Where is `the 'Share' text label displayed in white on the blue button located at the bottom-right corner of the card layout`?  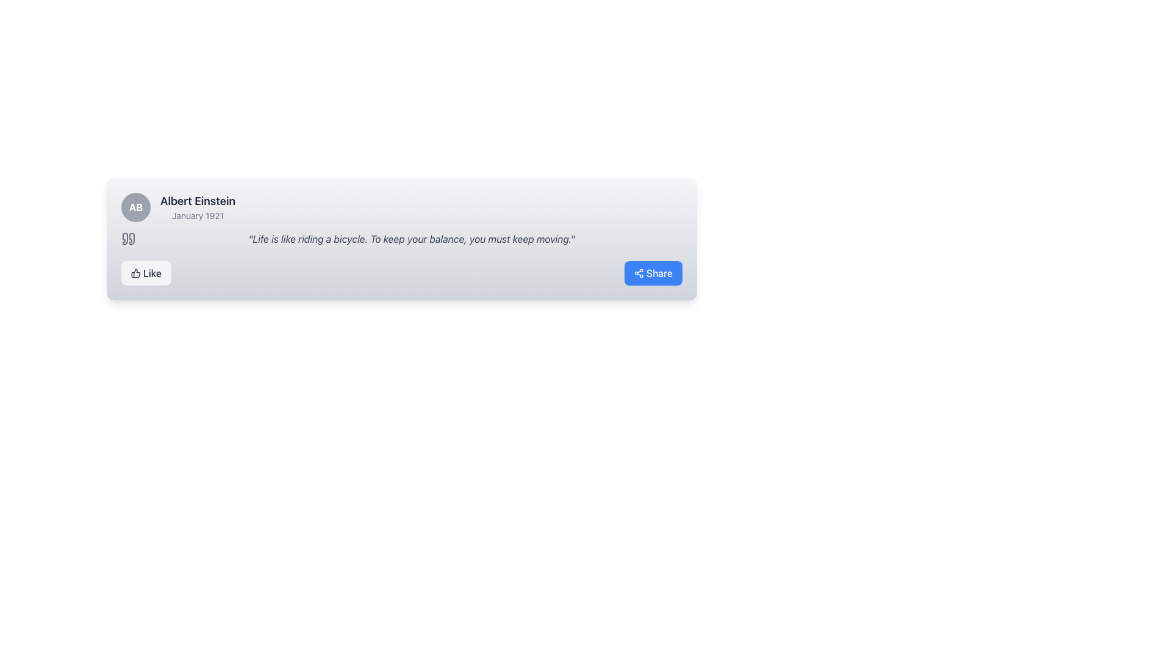 the 'Share' text label displayed in white on the blue button located at the bottom-right corner of the card layout is located at coordinates (659, 272).